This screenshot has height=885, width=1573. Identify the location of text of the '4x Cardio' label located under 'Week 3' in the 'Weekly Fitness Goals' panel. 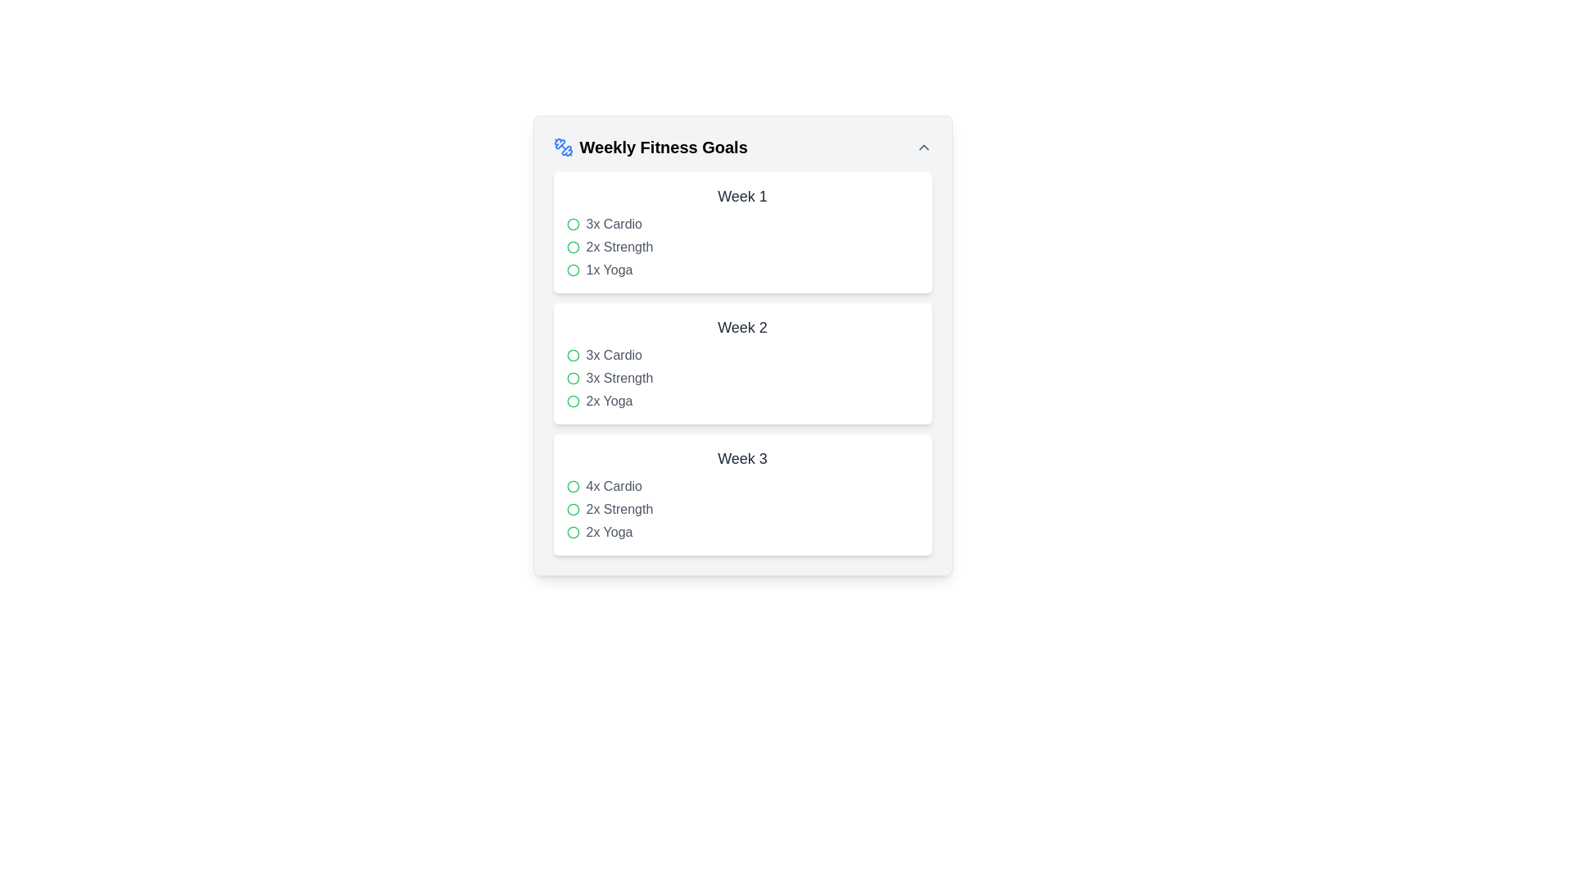
(613, 486).